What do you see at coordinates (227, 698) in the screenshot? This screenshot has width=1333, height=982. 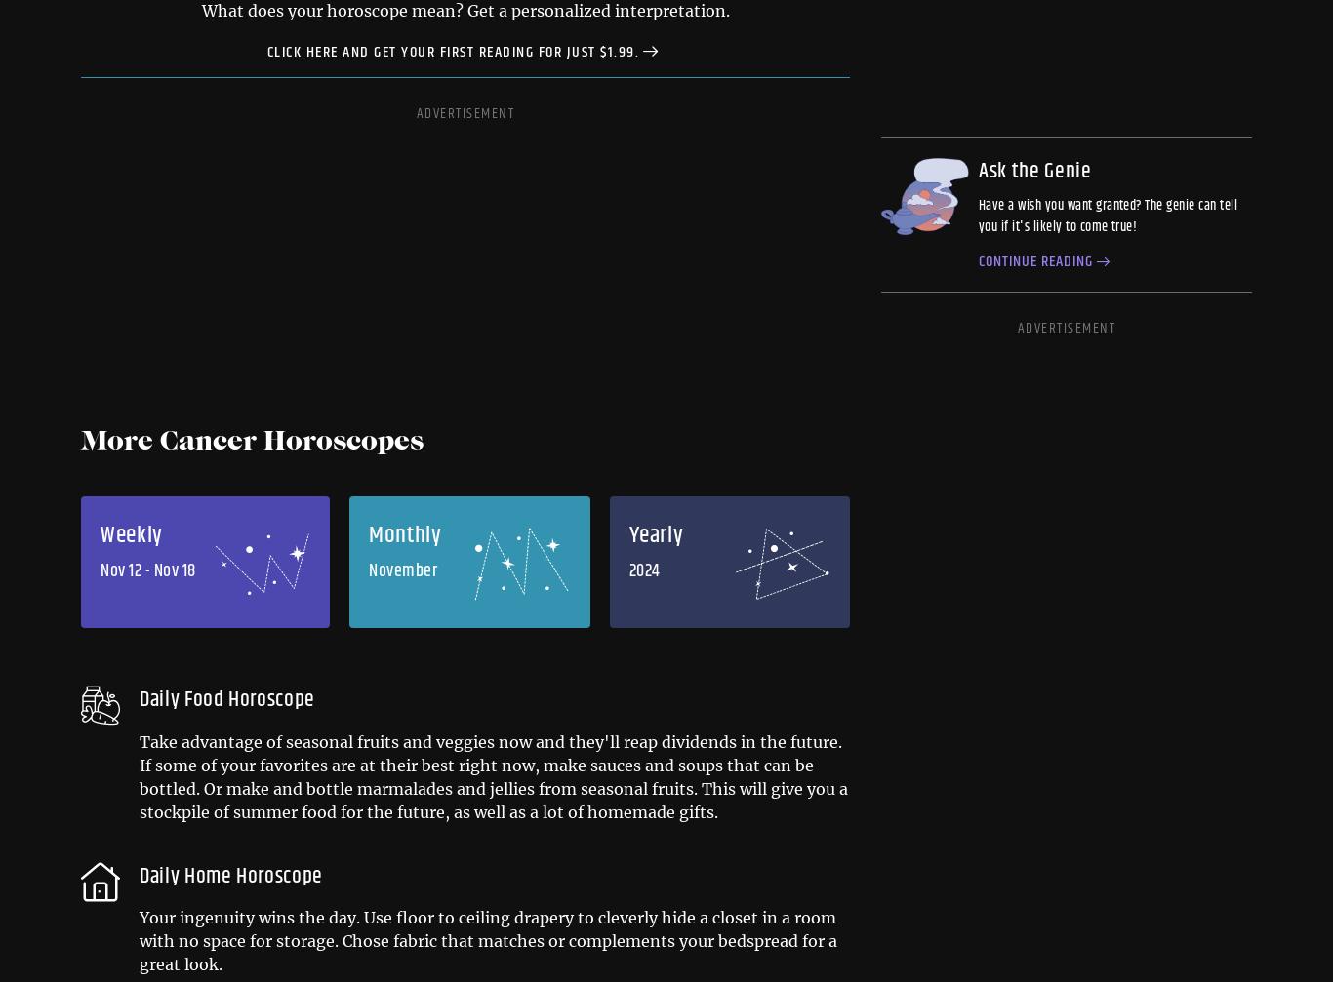 I see `'Daily Food Horoscope'` at bounding box center [227, 698].